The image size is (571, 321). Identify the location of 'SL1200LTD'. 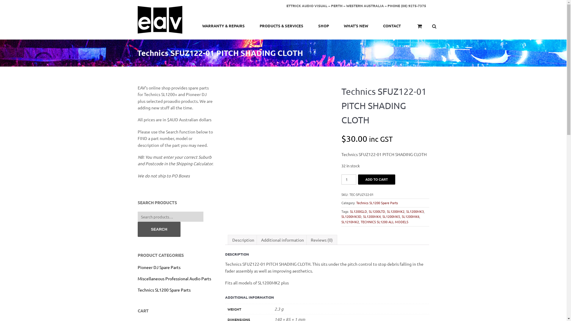
(377, 211).